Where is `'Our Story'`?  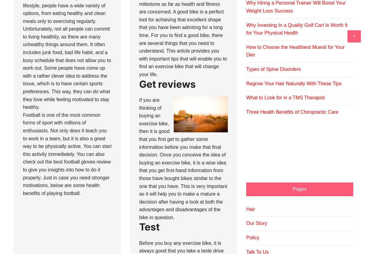 'Our Story' is located at coordinates (256, 223).